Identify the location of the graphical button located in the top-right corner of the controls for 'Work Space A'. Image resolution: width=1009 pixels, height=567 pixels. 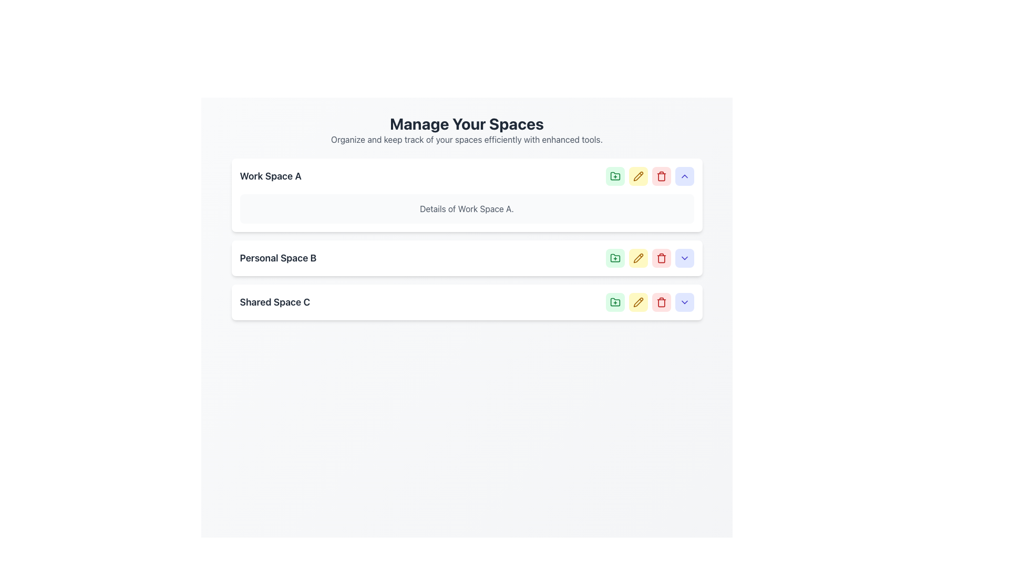
(615, 175).